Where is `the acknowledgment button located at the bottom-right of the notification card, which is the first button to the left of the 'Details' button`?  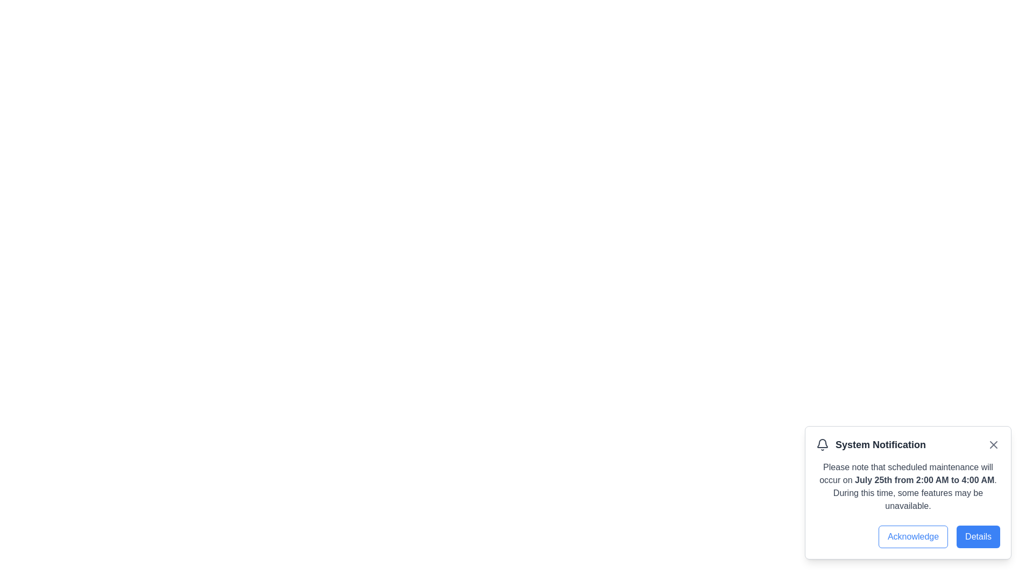
the acknowledgment button located at the bottom-right of the notification card, which is the first button to the left of the 'Details' button is located at coordinates (912, 537).